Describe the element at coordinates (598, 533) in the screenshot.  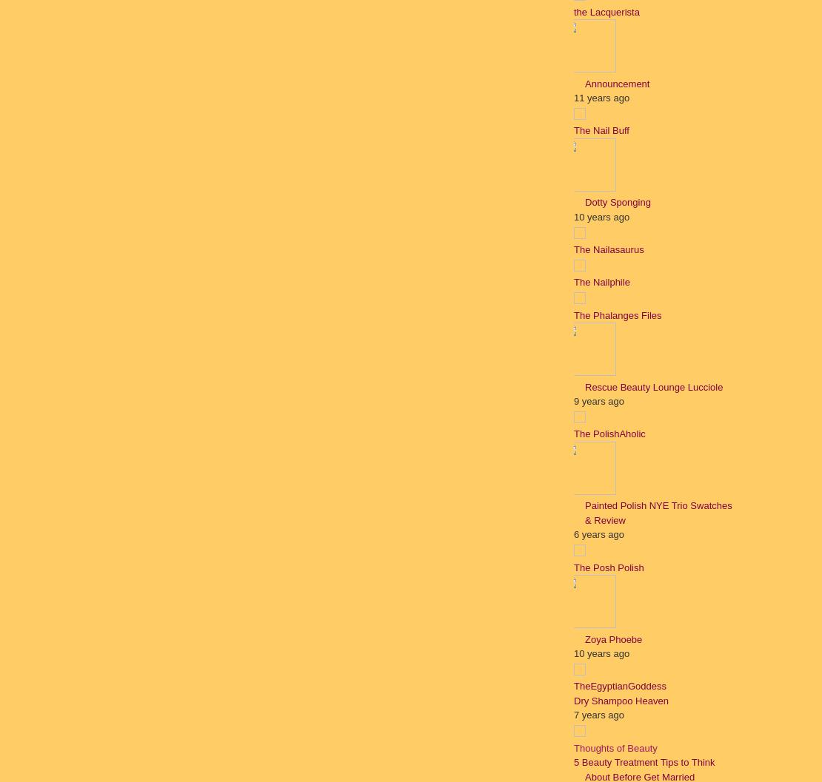
I see `'6 years ago'` at that location.